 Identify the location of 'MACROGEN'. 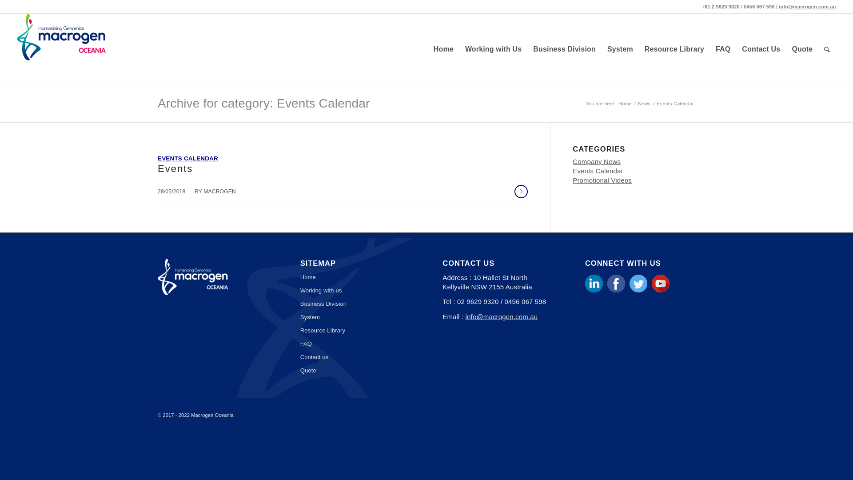
(203, 191).